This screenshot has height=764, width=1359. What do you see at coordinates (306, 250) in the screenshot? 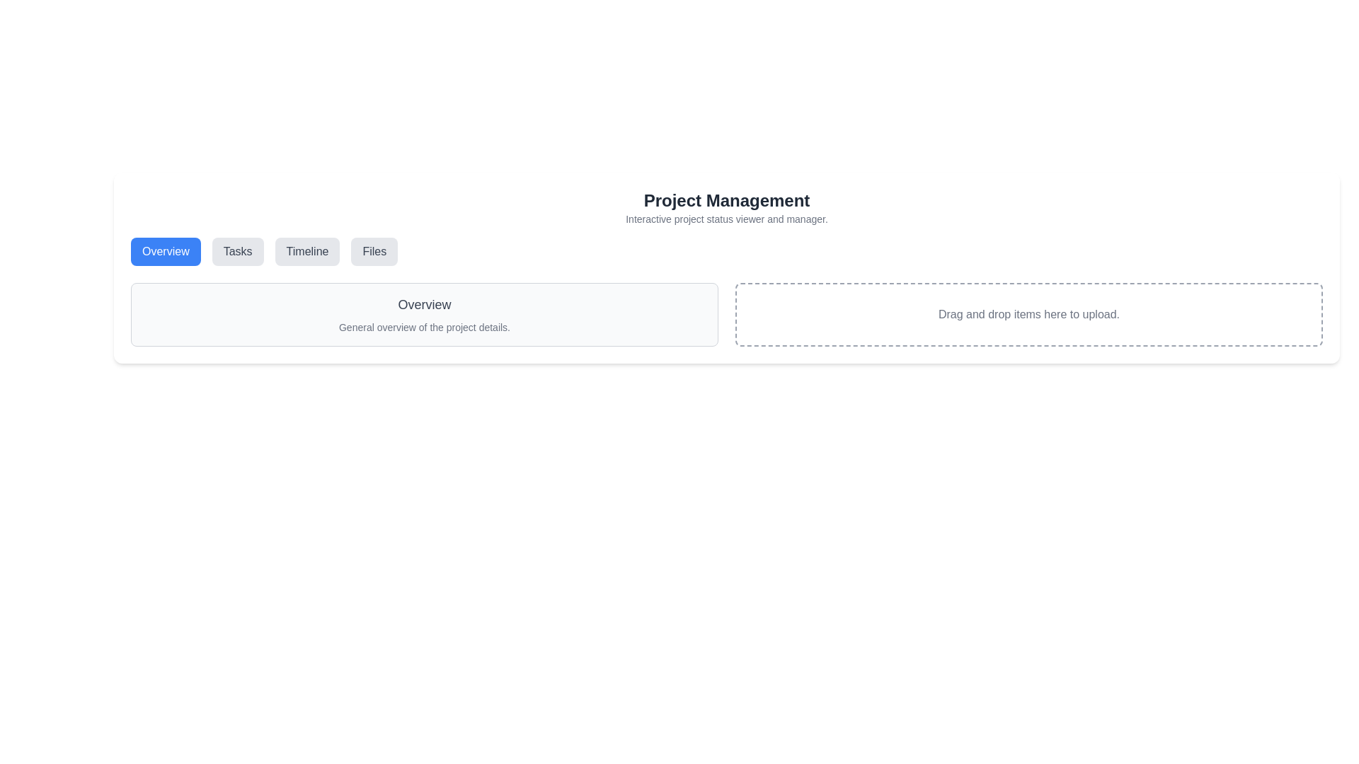
I see `the third button in a horizontal row of four` at bounding box center [306, 250].